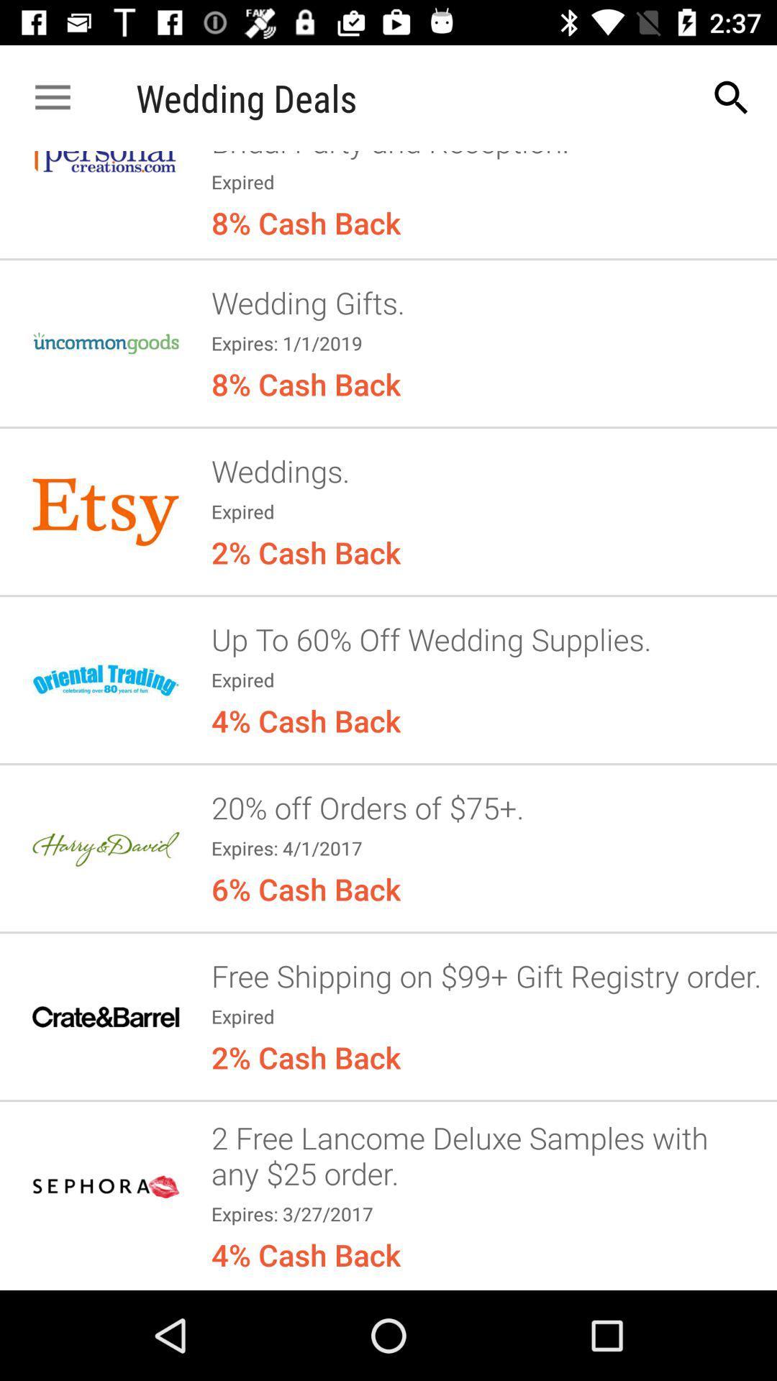 The width and height of the screenshot is (777, 1381). What do you see at coordinates (52, 97) in the screenshot?
I see `app to the left of wedding deals` at bounding box center [52, 97].